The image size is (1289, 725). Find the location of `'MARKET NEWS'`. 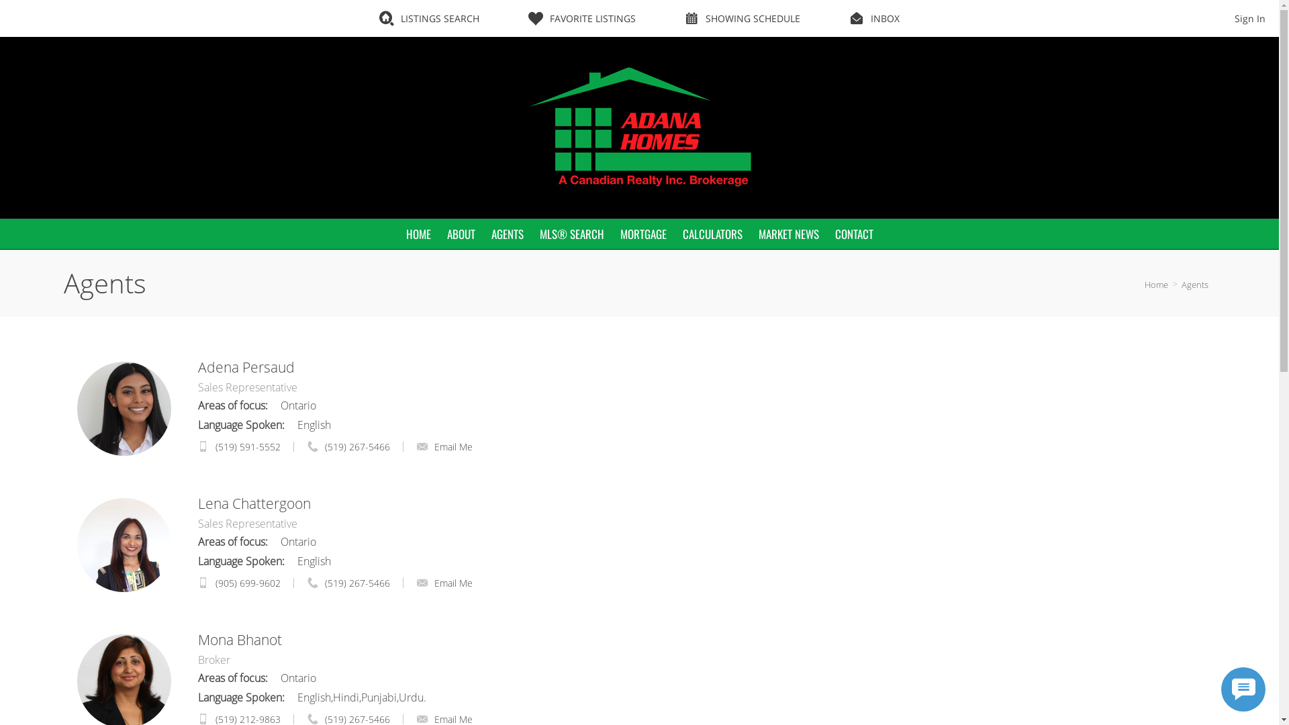

'MARKET NEWS' is located at coordinates (789, 233).